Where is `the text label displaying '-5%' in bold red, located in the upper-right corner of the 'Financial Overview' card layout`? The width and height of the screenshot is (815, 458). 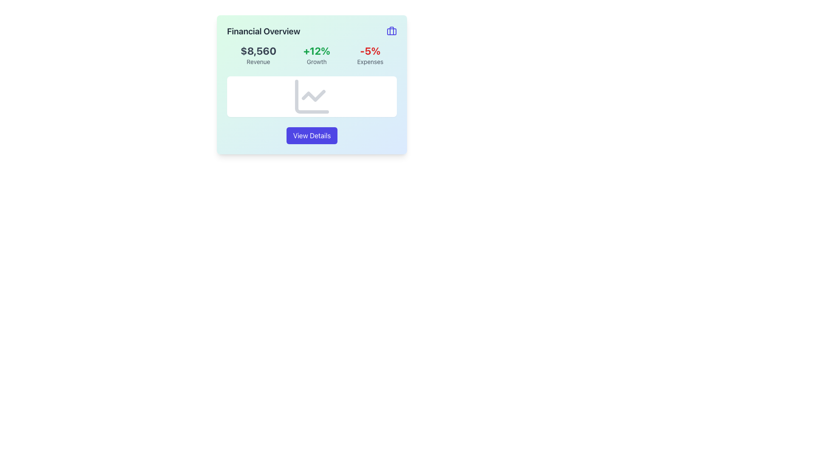 the text label displaying '-5%' in bold red, located in the upper-right corner of the 'Financial Overview' card layout is located at coordinates (370, 50).